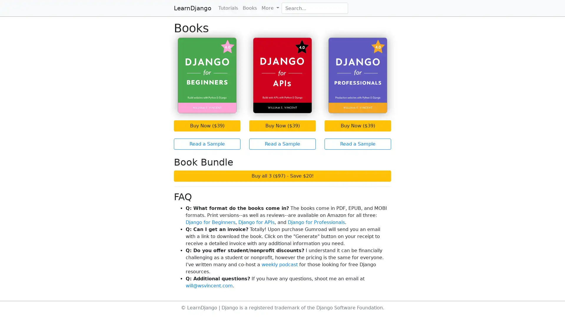 The height and width of the screenshot is (317, 565). Describe the element at coordinates (357, 144) in the screenshot. I see `Read a Sample` at that location.